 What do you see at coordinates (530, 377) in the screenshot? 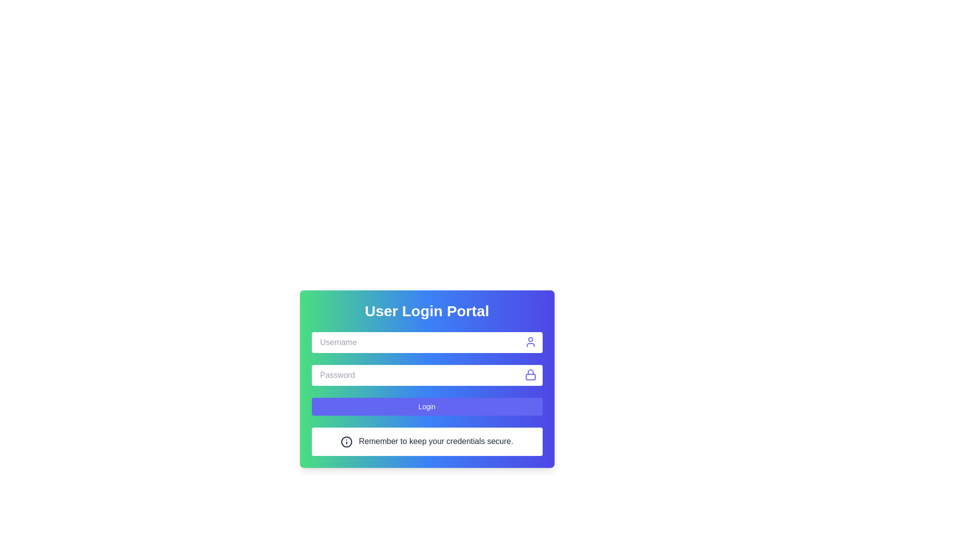
I see `the small rectangular element that is part of the purple lock icon located to the right of the password field in the login interface, emphasizing its function related to security` at bounding box center [530, 377].